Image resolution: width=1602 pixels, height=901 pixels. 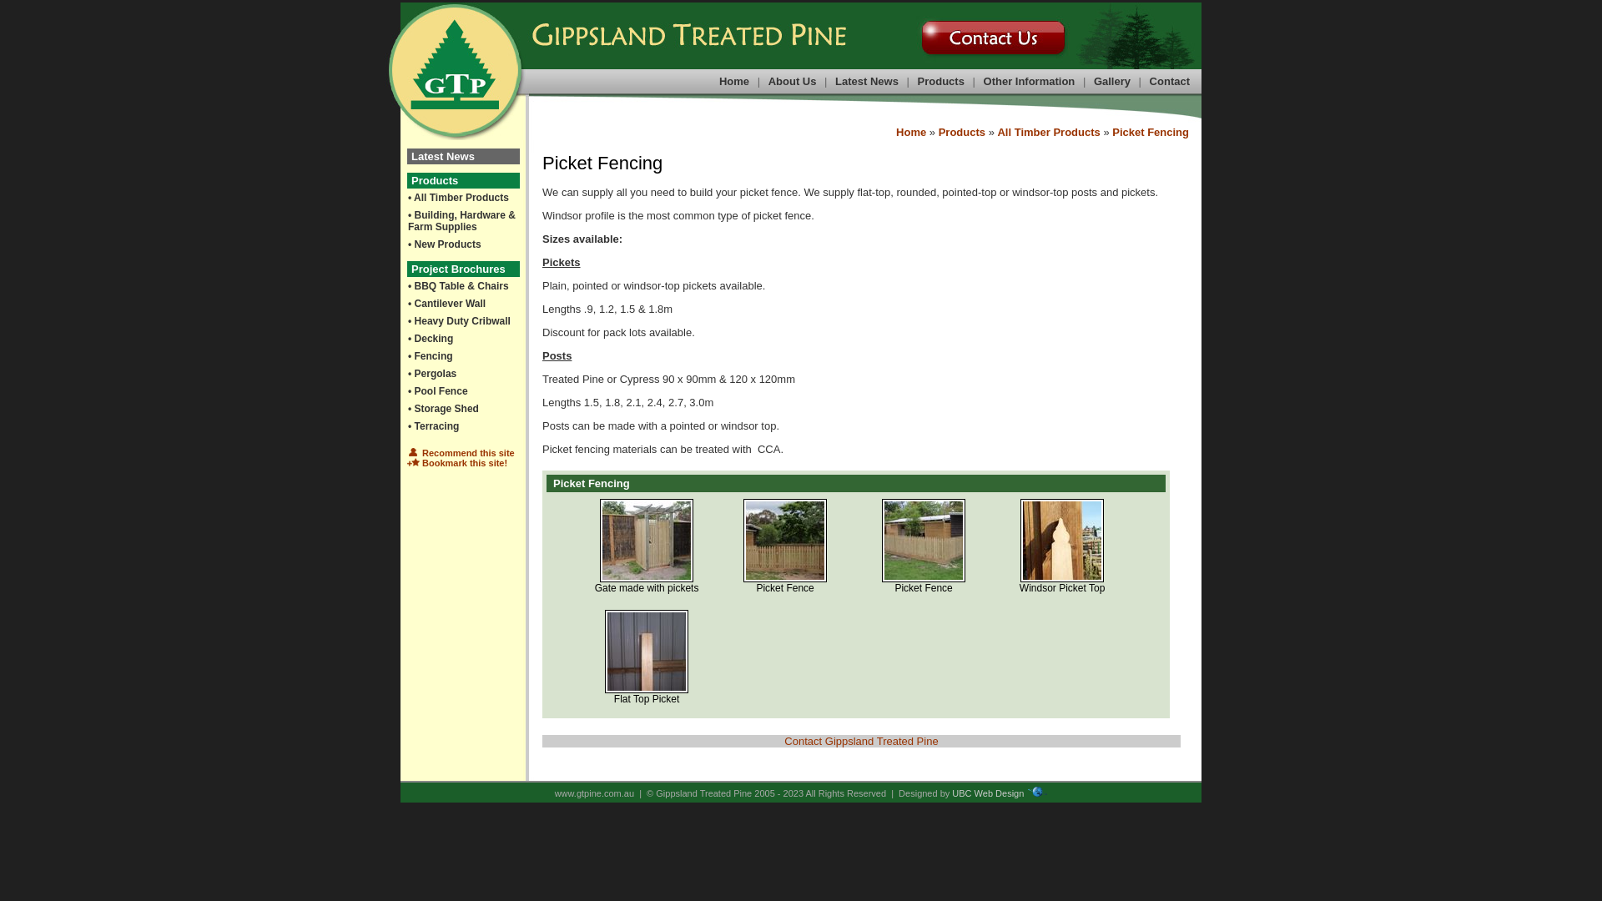 What do you see at coordinates (1112, 81) in the screenshot?
I see `'Gallery'` at bounding box center [1112, 81].